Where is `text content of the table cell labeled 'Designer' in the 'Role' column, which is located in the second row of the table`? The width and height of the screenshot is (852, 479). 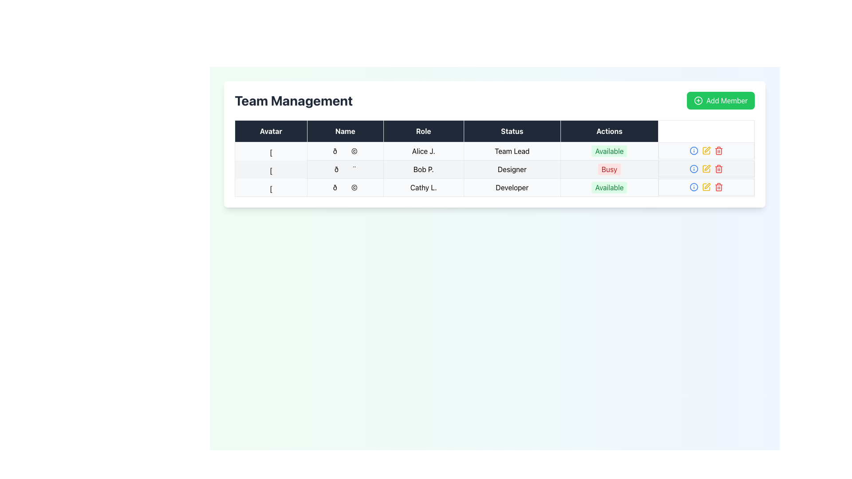 text content of the table cell labeled 'Designer' in the 'Role' column, which is located in the second row of the table is located at coordinates (512, 169).